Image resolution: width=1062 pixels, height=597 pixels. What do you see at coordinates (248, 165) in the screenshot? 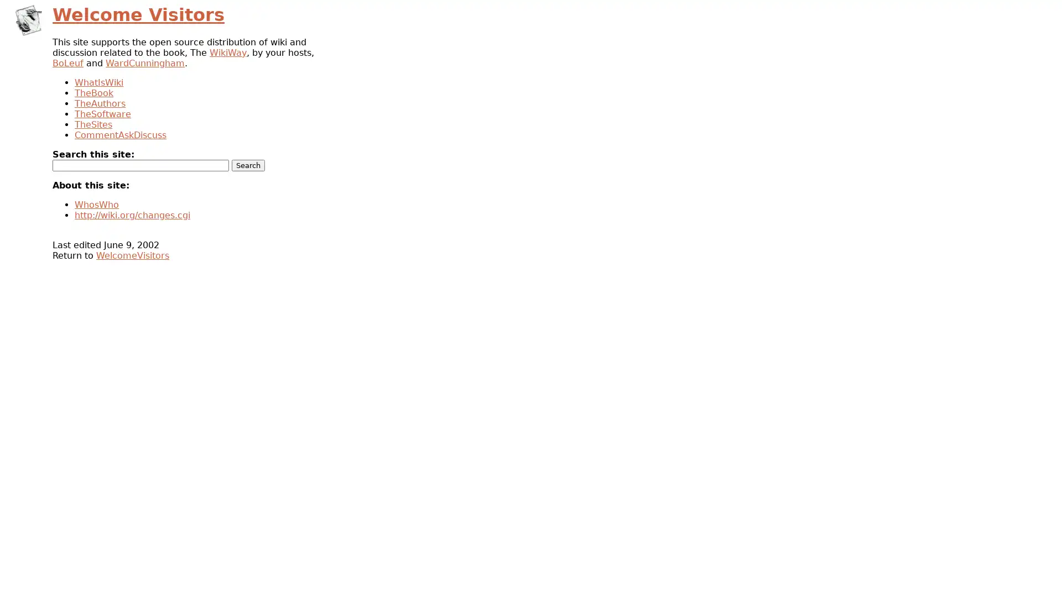
I see `Search` at bounding box center [248, 165].